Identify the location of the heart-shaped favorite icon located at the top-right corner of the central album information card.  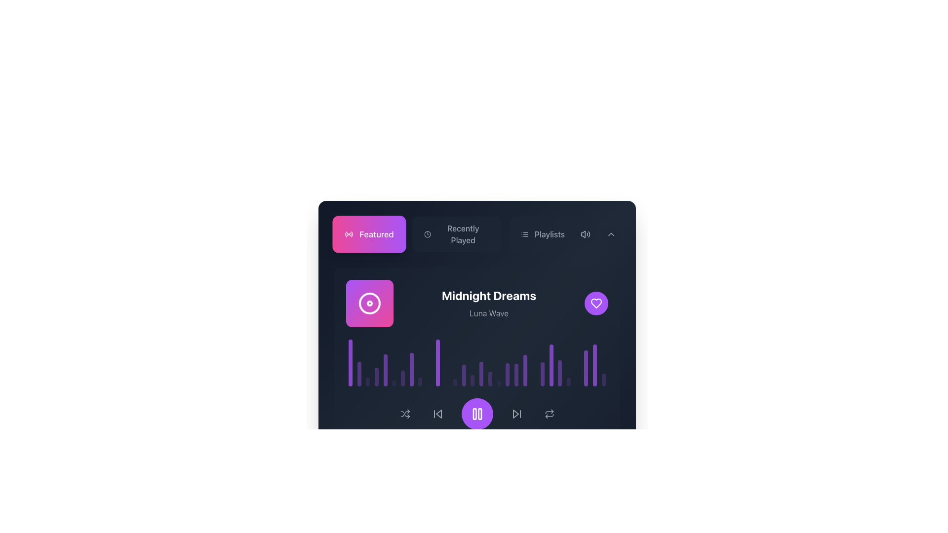
(596, 303).